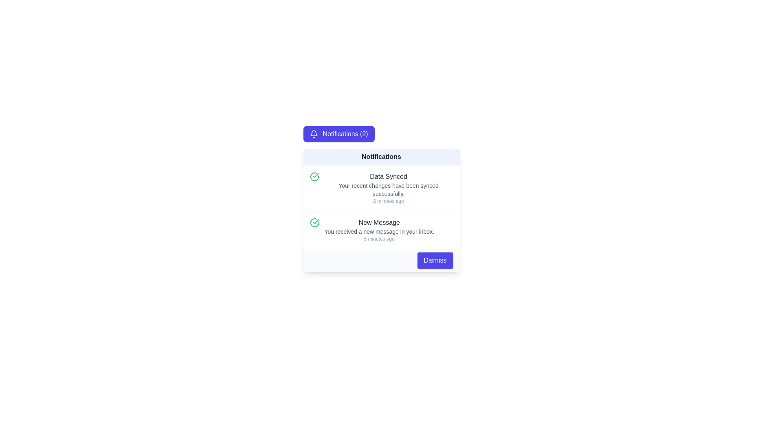 This screenshot has height=439, width=782. I want to click on the notification icon located to the left of the text 'Notifications (2)' in the top bar of the dialog, so click(313, 134).